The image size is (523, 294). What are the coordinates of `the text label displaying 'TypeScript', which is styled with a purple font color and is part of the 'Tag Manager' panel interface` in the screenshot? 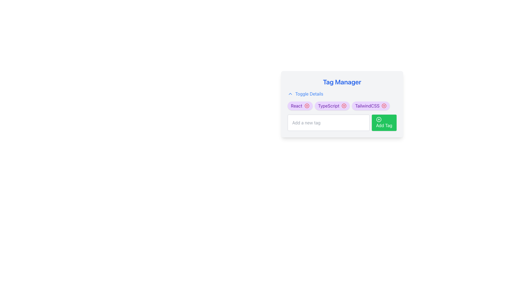 It's located at (328, 106).